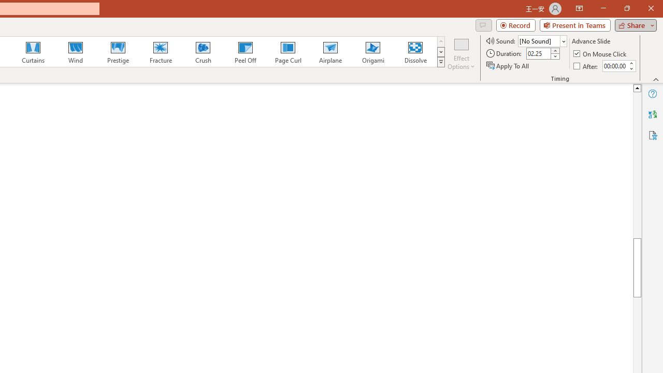  I want to click on 'Peel Off', so click(244, 52).